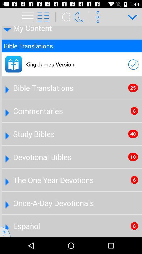  I want to click on the expand_more icon, so click(130, 17).